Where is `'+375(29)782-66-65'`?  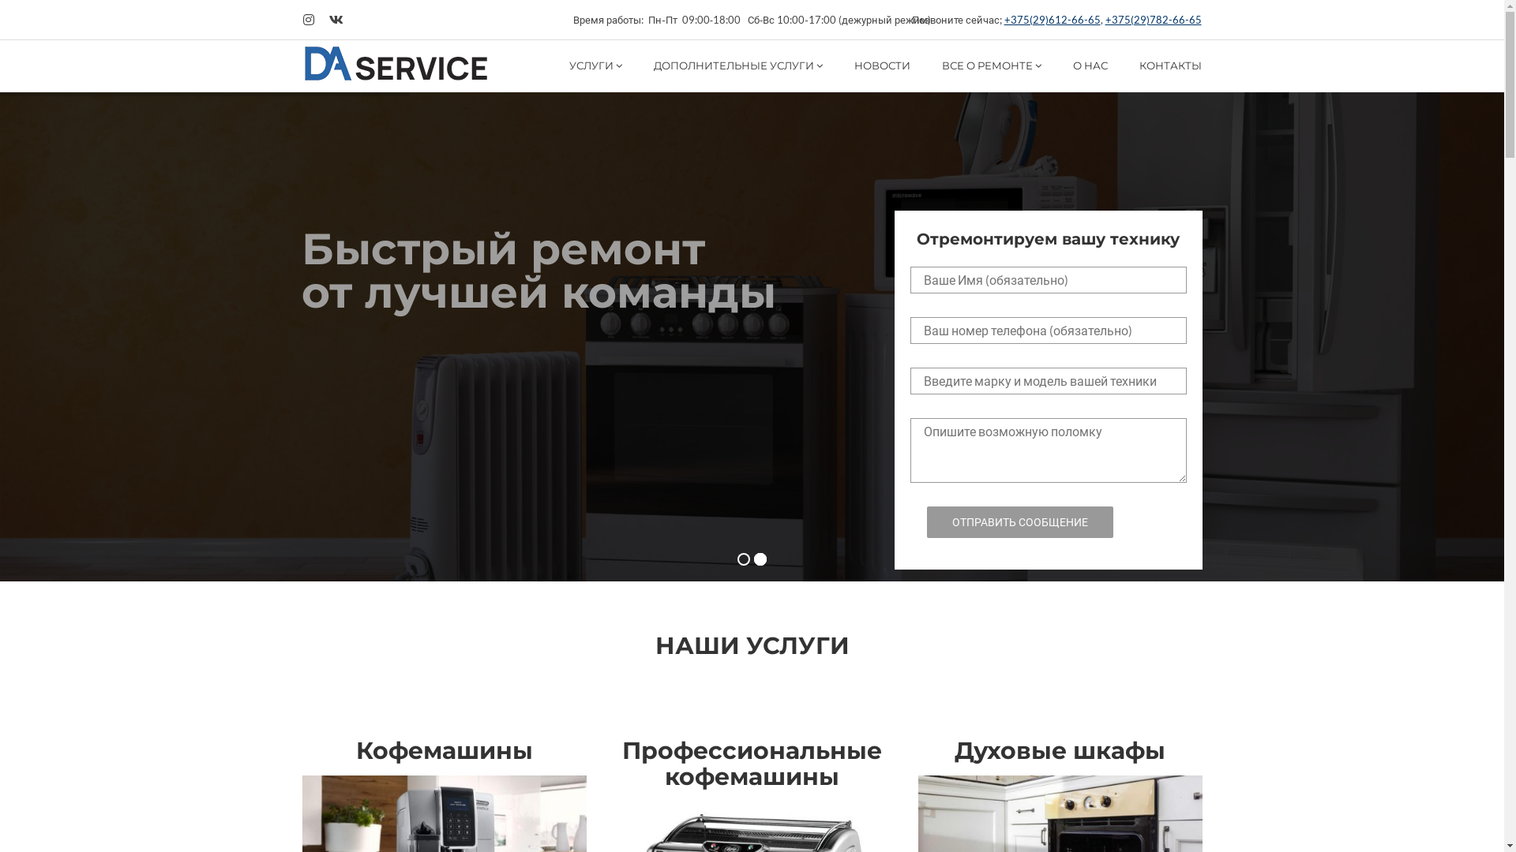 '+375(29)782-66-65' is located at coordinates (1105, 19).